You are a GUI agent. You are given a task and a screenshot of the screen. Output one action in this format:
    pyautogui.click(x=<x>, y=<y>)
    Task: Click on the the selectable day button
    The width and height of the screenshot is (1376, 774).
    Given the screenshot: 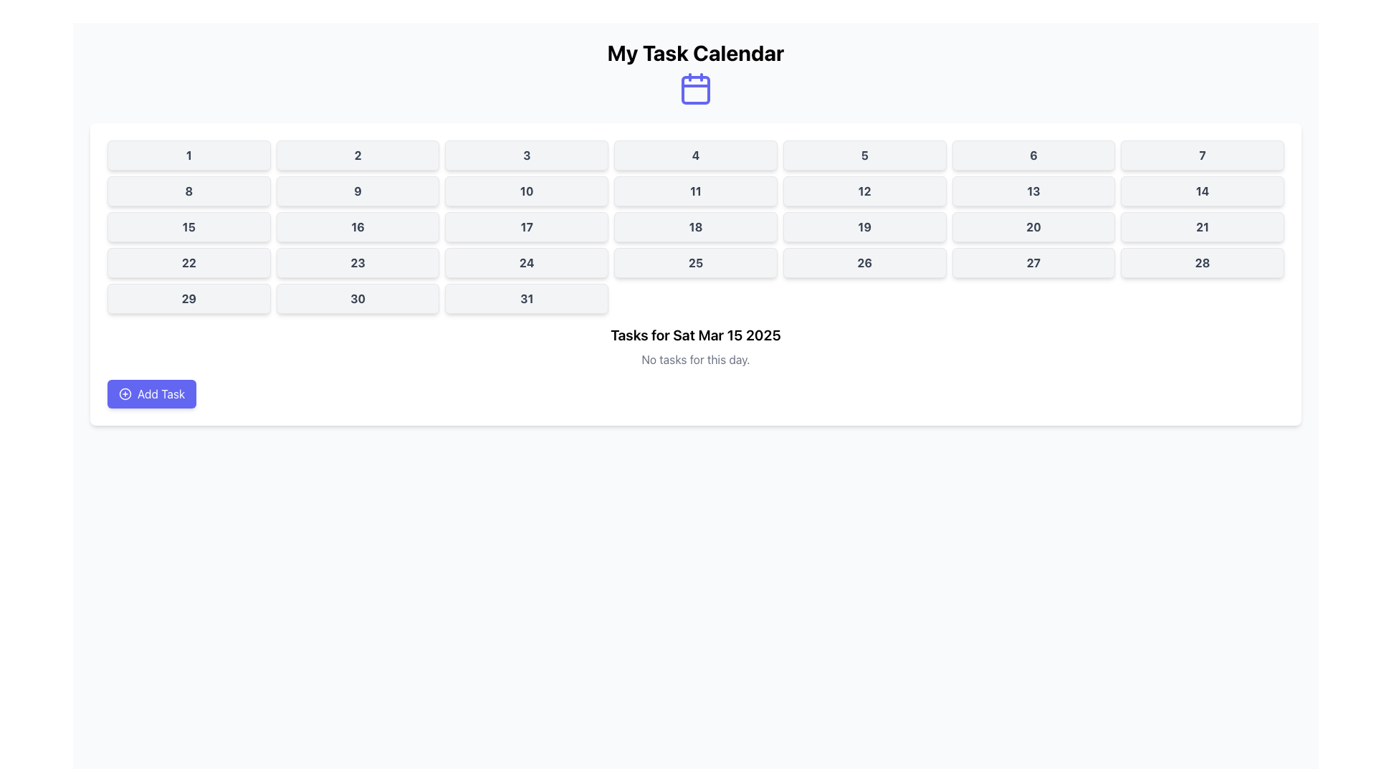 What is the action you would take?
    pyautogui.click(x=1203, y=190)
    